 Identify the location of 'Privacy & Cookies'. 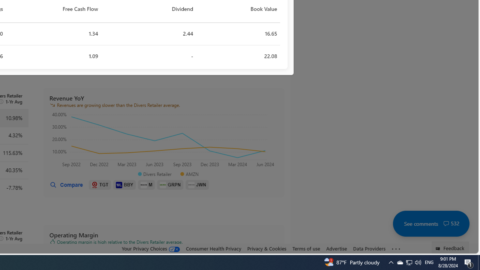
(267, 249).